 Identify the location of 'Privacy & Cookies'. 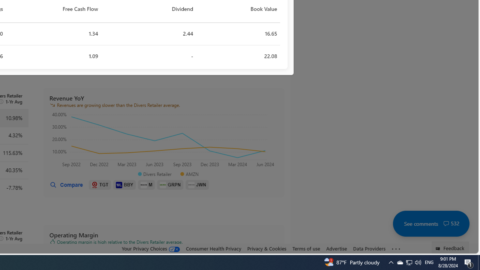
(267, 249).